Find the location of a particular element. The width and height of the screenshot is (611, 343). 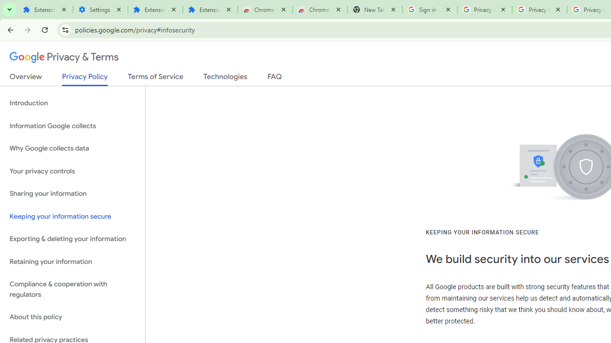

'Exporting & deleting your information' is located at coordinates (72, 239).